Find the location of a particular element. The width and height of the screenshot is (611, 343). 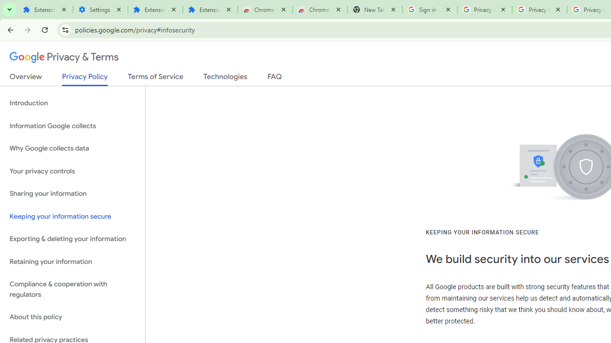

'Exporting & deleting your information' is located at coordinates (72, 239).